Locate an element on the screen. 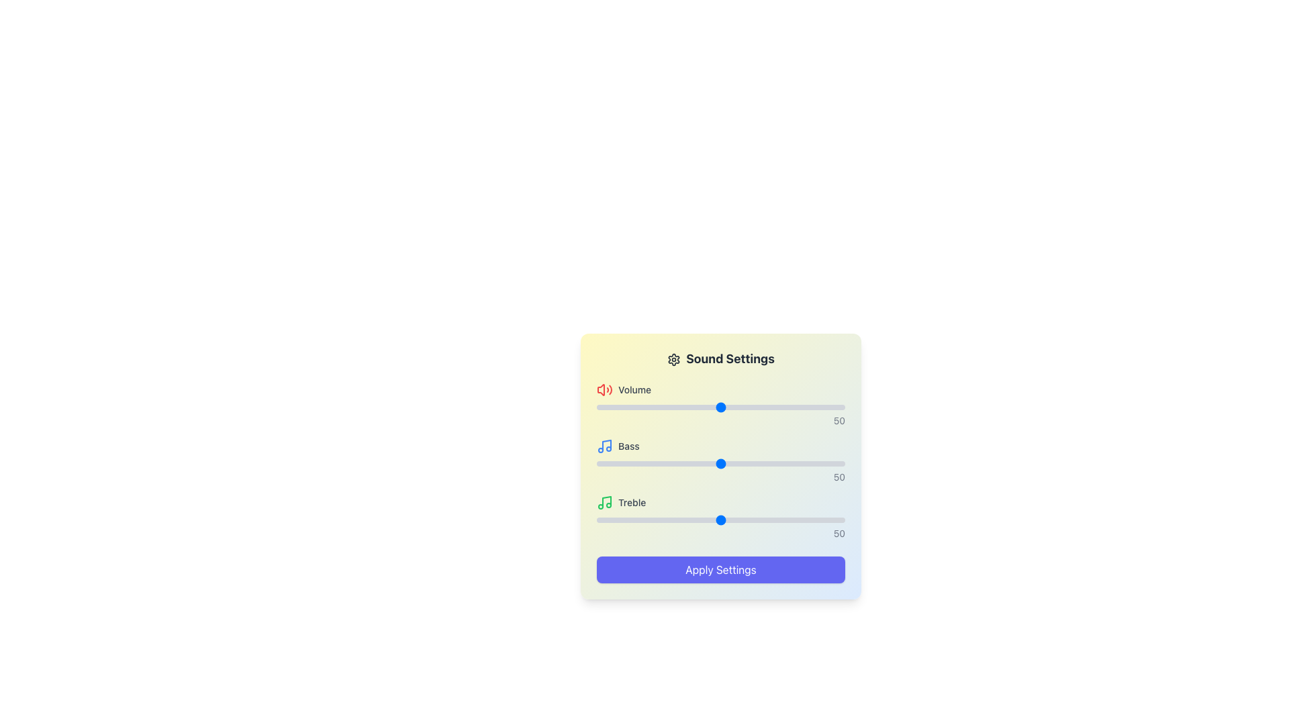 The height and width of the screenshot is (725, 1289). the 'Sound Settings' label, which features bold text and a settings gear icon, located at the top of the UI card is located at coordinates (720, 358).